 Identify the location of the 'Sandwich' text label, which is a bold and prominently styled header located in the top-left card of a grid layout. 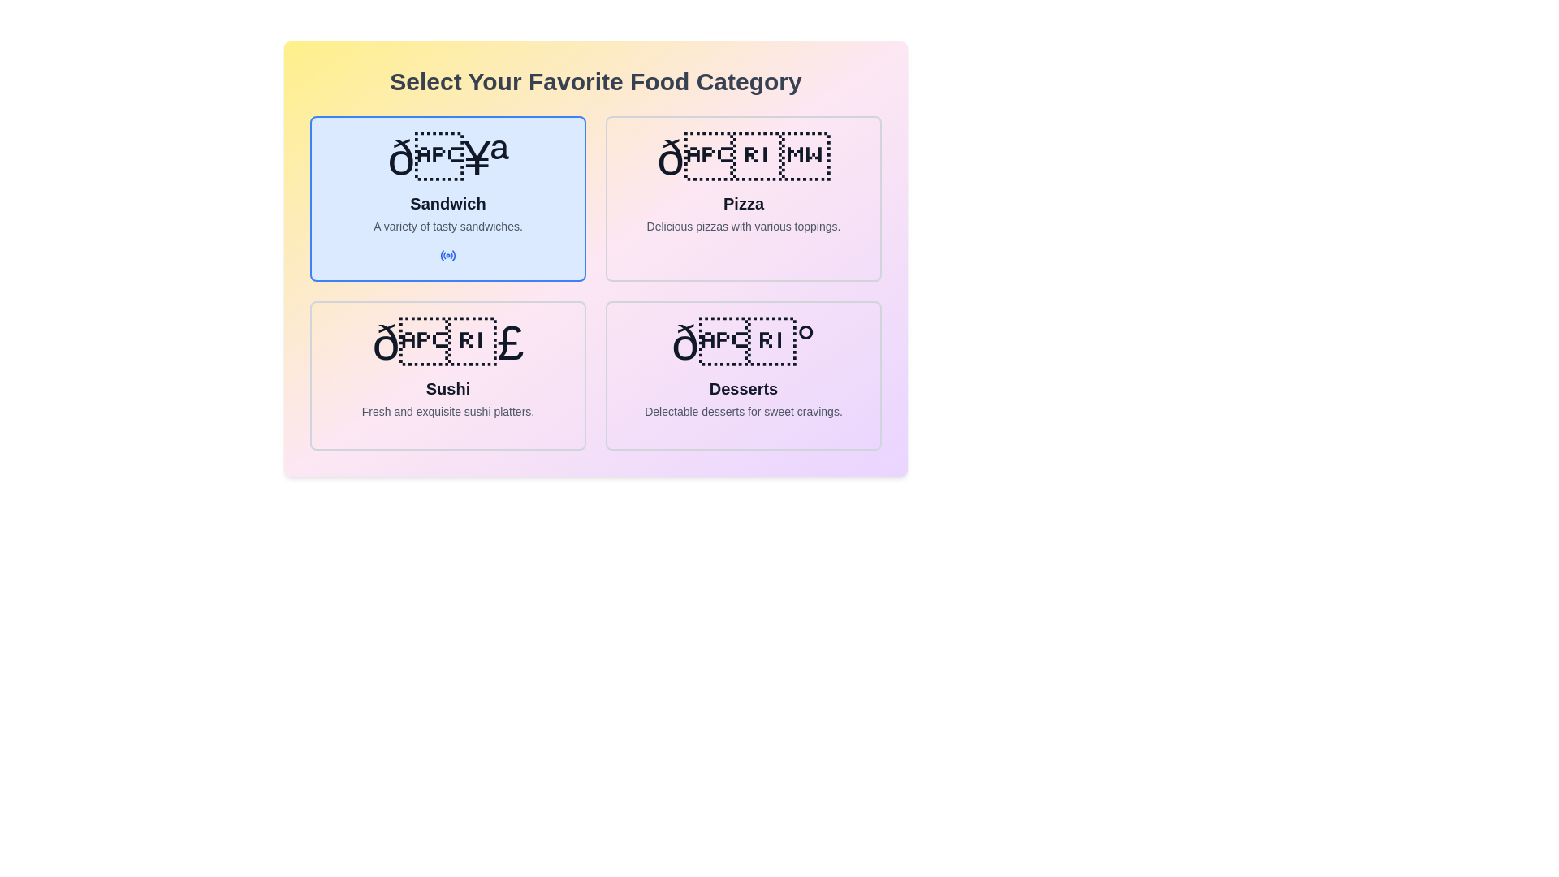
(448, 202).